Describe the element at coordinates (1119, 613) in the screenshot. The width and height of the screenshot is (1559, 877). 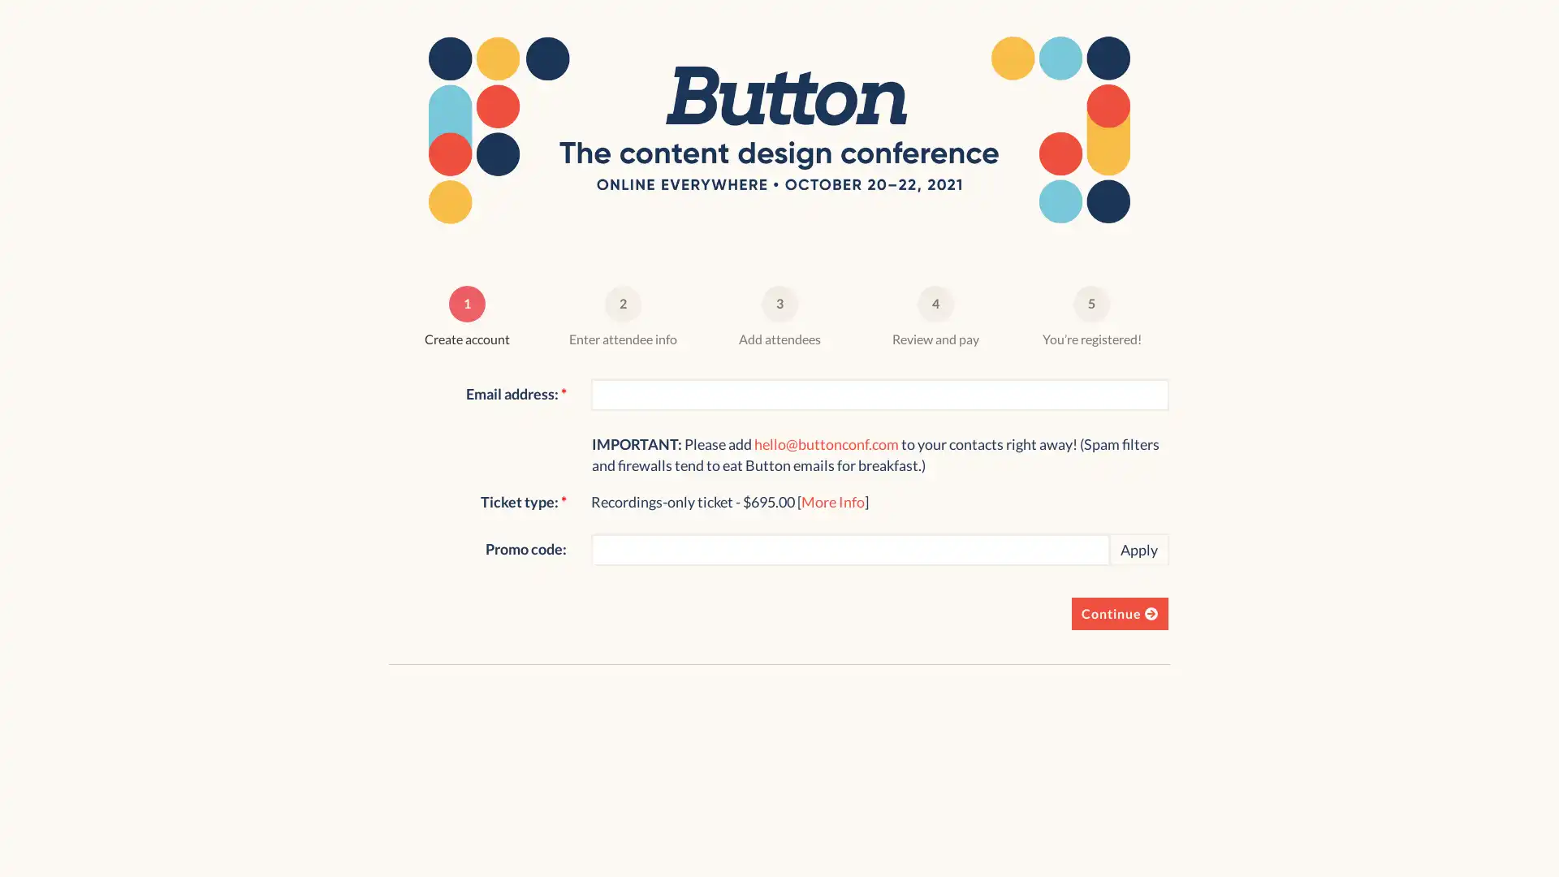
I see `Continue` at that location.